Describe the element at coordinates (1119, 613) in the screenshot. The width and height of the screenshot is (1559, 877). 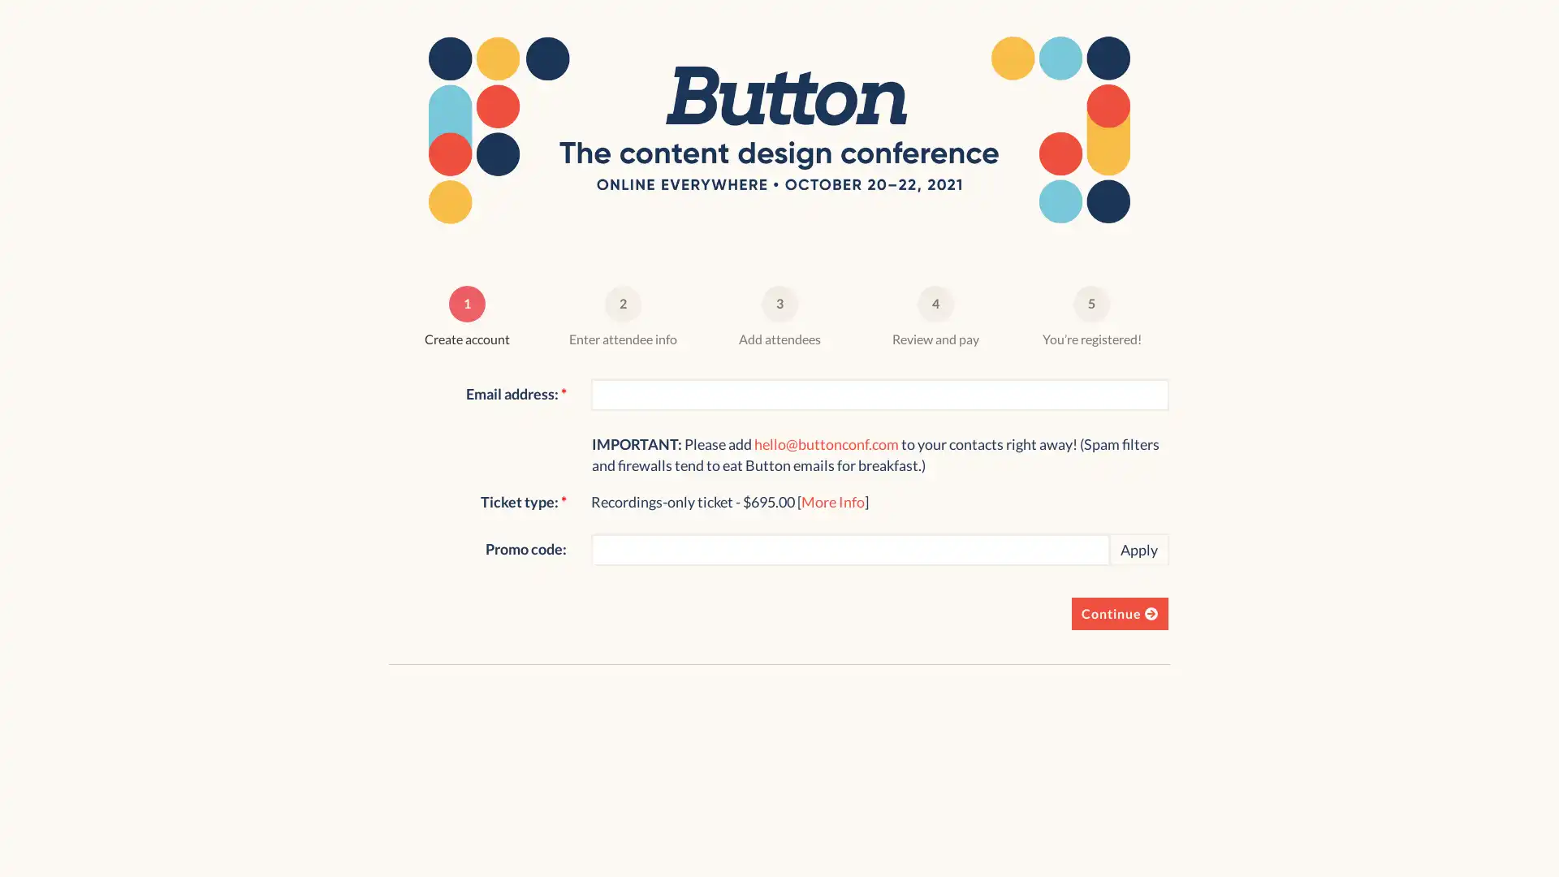
I see `Continue` at that location.